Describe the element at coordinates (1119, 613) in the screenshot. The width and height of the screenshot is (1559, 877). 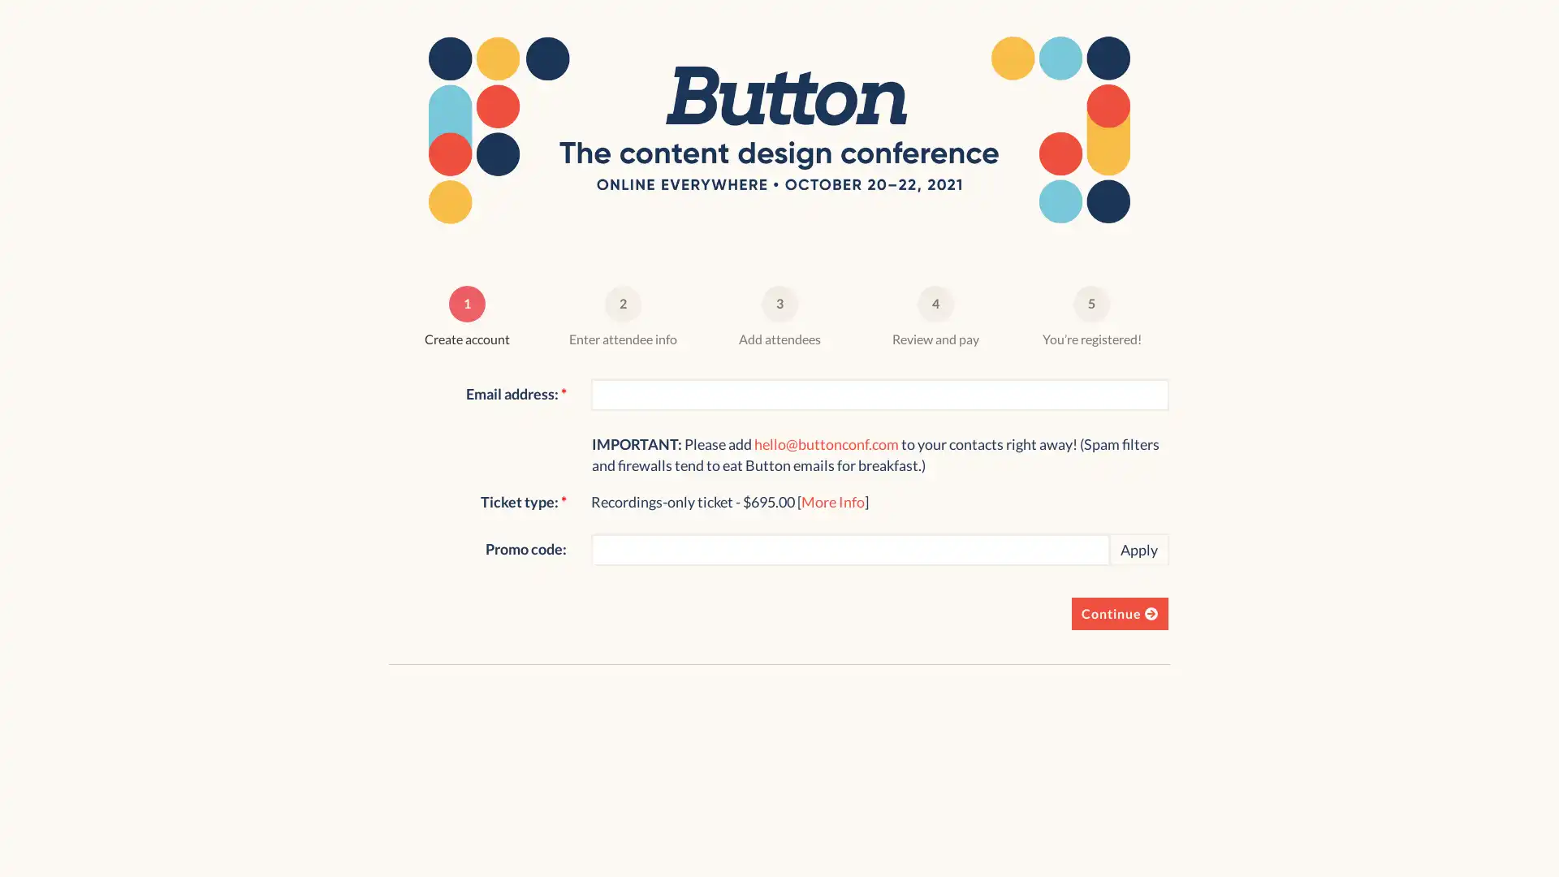
I see `Continue` at that location.